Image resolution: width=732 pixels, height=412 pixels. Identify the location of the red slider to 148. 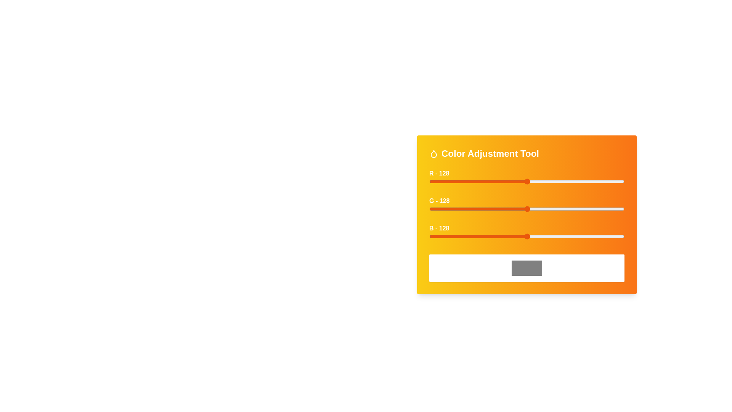
(542, 181).